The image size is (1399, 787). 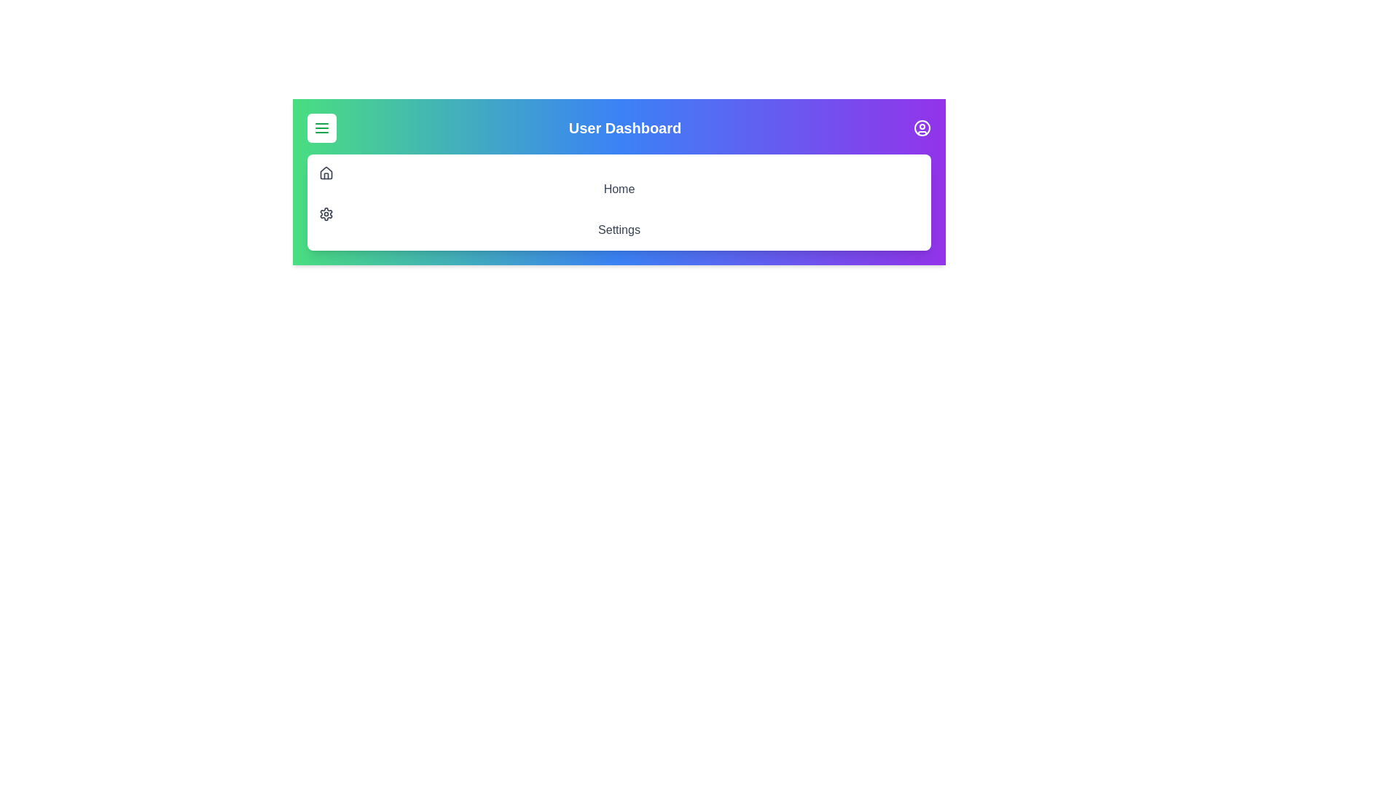 I want to click on the 'Home' menu item to navigate to the Home page, so click(x=619, y=181).